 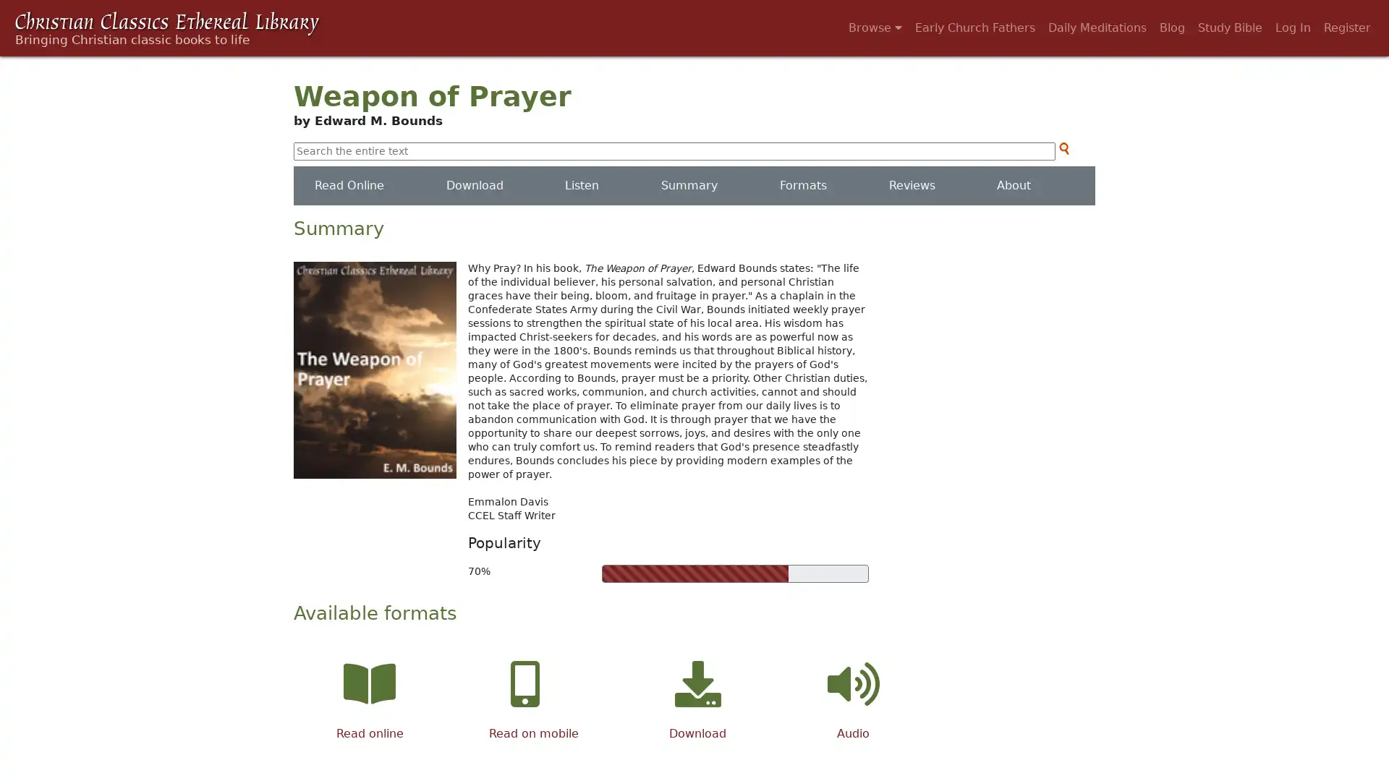 I want to click on Log In, so click(x=1293, y=27).